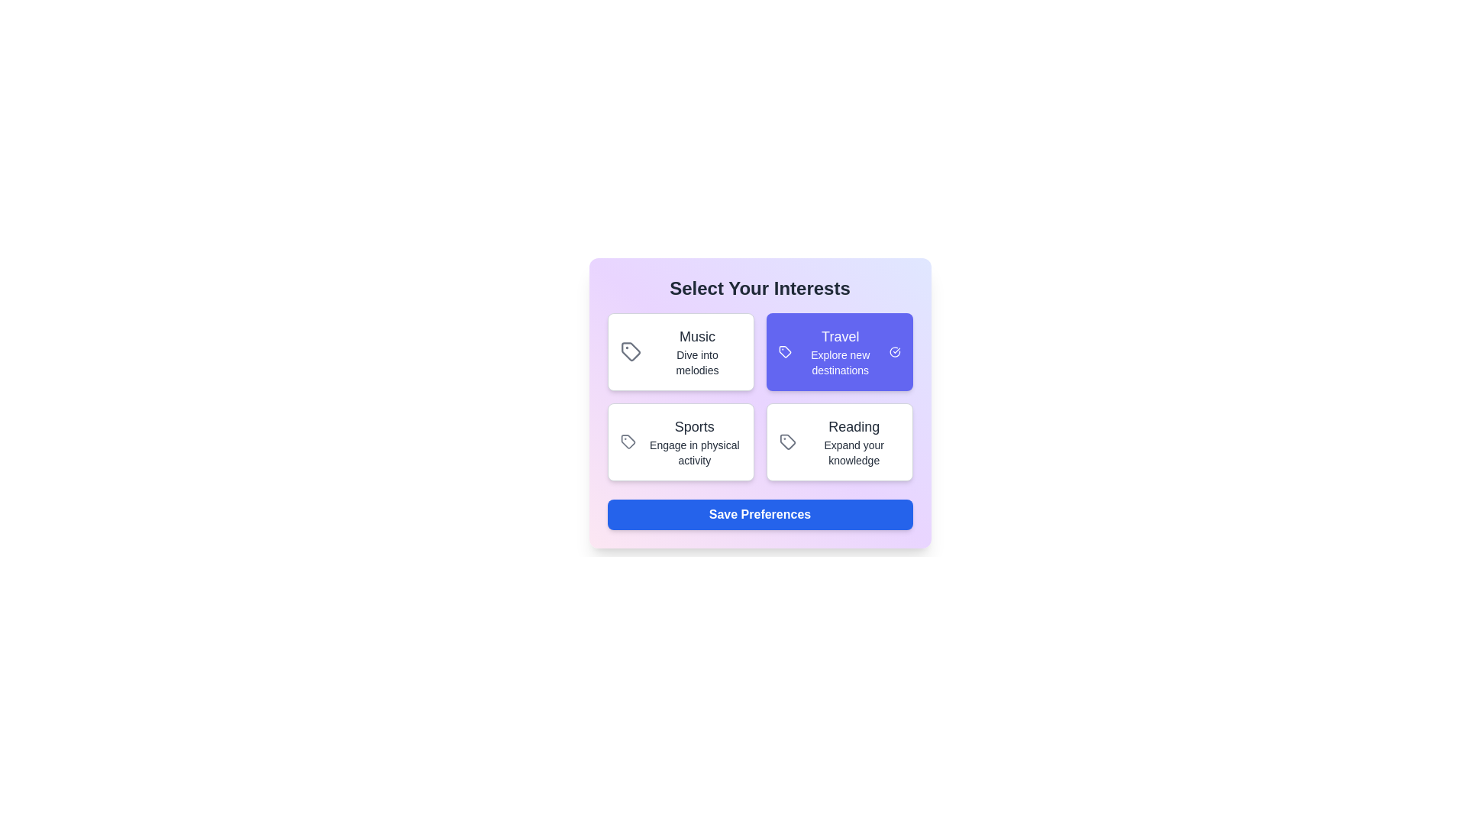 The height and width of the screenshot is (825, 1466). What do you see at coordinates (760, 515) in the screenshot?
I see `the 'Save Preferences' button to save the user's selected preferences` at bounding box center [760, 515].